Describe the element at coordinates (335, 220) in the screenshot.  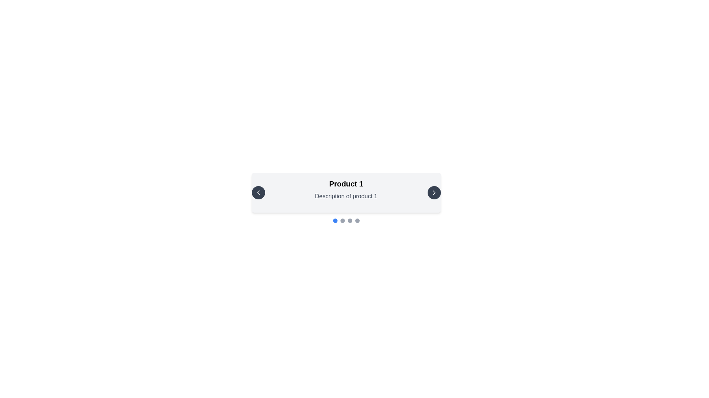
I see `the first circular interactive indicator in a carousel, which is solid blue and positioned at the center bottom of the interface` at that location.